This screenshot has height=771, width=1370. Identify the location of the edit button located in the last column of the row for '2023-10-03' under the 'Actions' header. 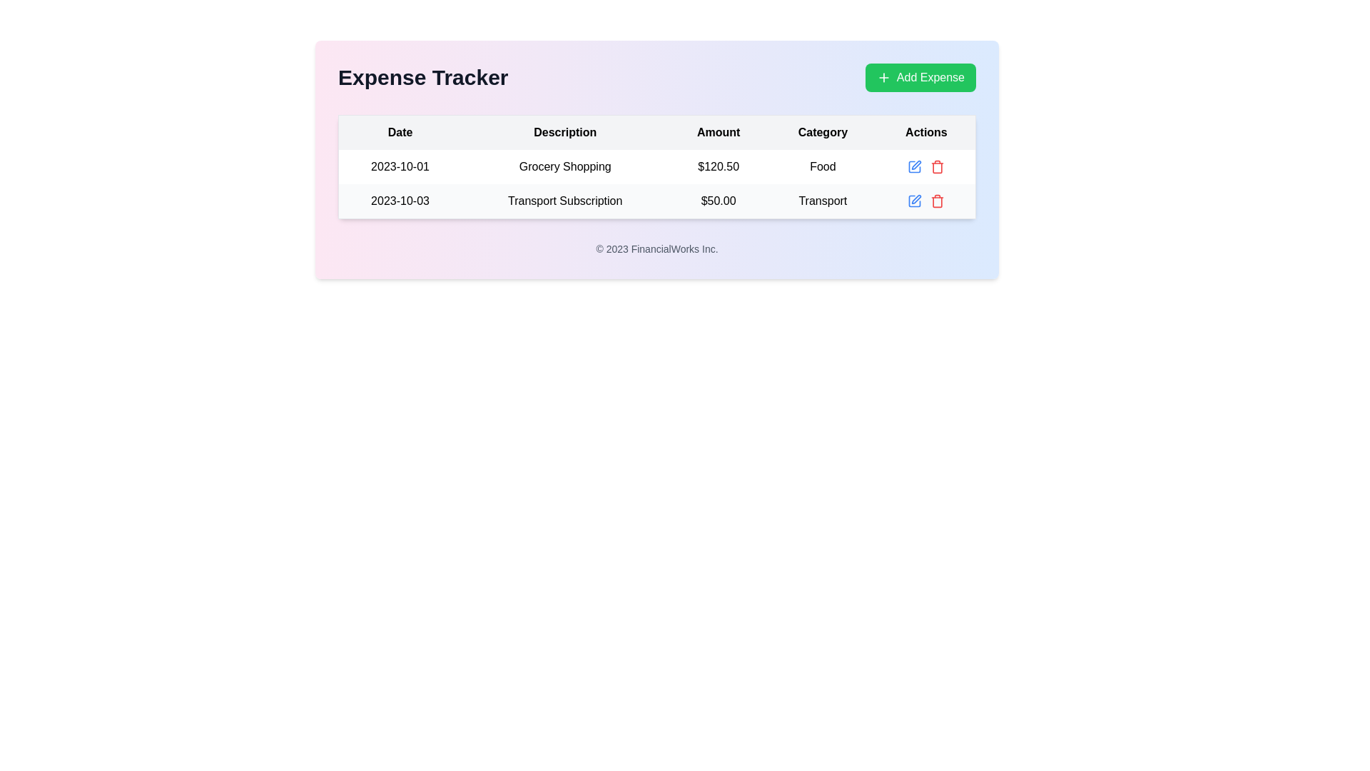
(914, 201).